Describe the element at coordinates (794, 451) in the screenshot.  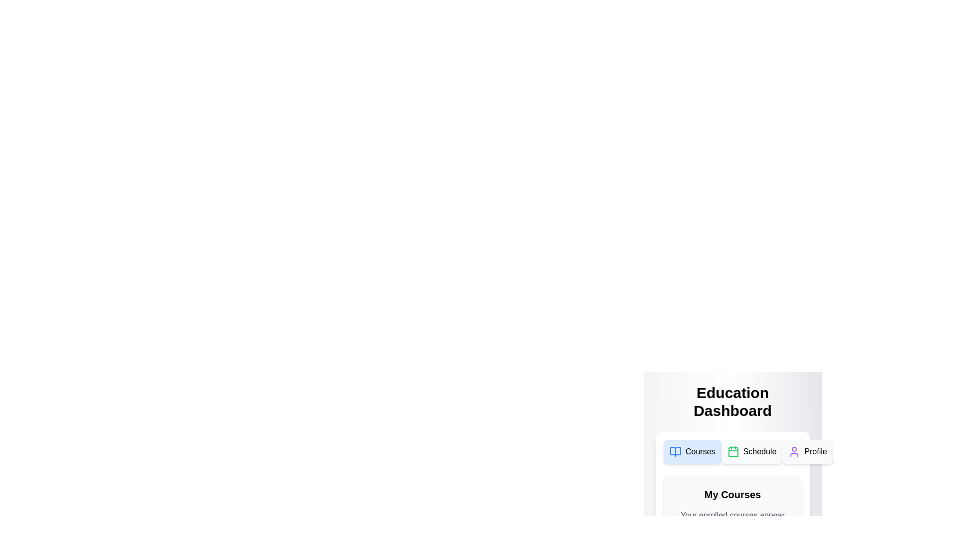
I see `the Profile button, which features a purple user profile icon and is the rightmost button in the navigation menu` at that location.